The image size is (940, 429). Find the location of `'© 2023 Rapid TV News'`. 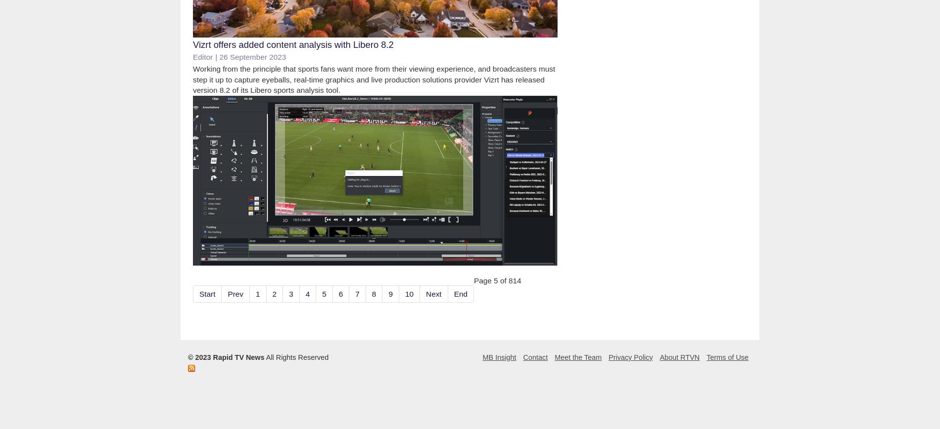

'© 2023 Rapid TV News' is located at coordinates (188, 357).